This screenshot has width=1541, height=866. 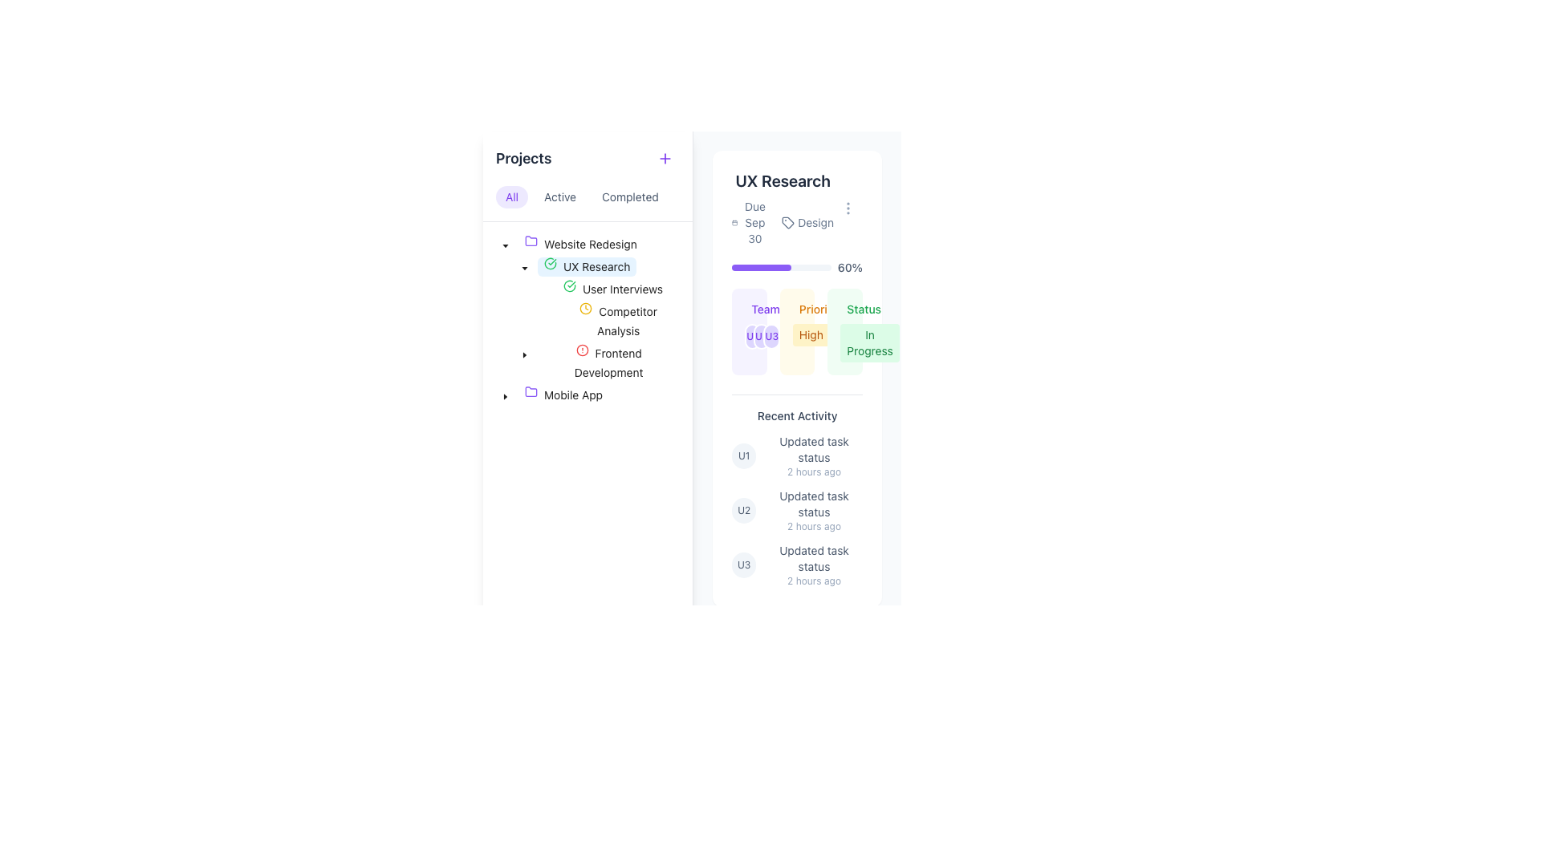 What do you see at coordinates (814, 526) in the screenshot?
I see `static text indicating the time of an activity update, which states that the update occurred 2 hours prior to the current time, located below the 'Updated task status' in the 'Recent Activity' section of item U2` at bounding box center [814, 526].